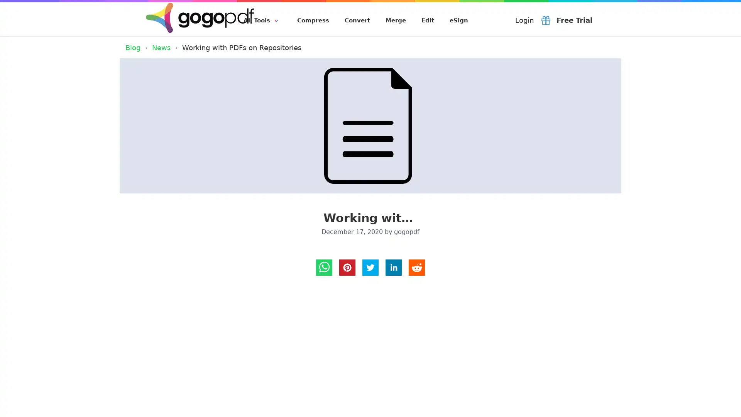 The width and height of the screenshot is (741, 417). What do you see at coordinates (161, 47) in the screenshot?
I see `News` at bounding box center [161, 47].